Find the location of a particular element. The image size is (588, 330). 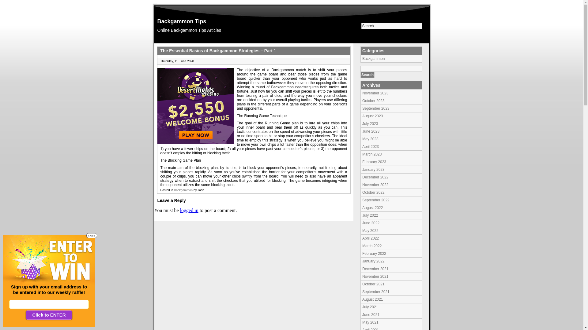

'October 2023' is located at coordinates (373, 101).